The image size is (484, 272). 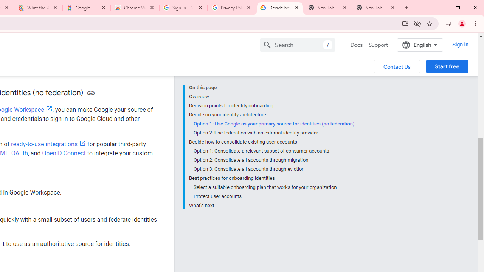 I want to click on 'Support', so click(x=378, y=45).